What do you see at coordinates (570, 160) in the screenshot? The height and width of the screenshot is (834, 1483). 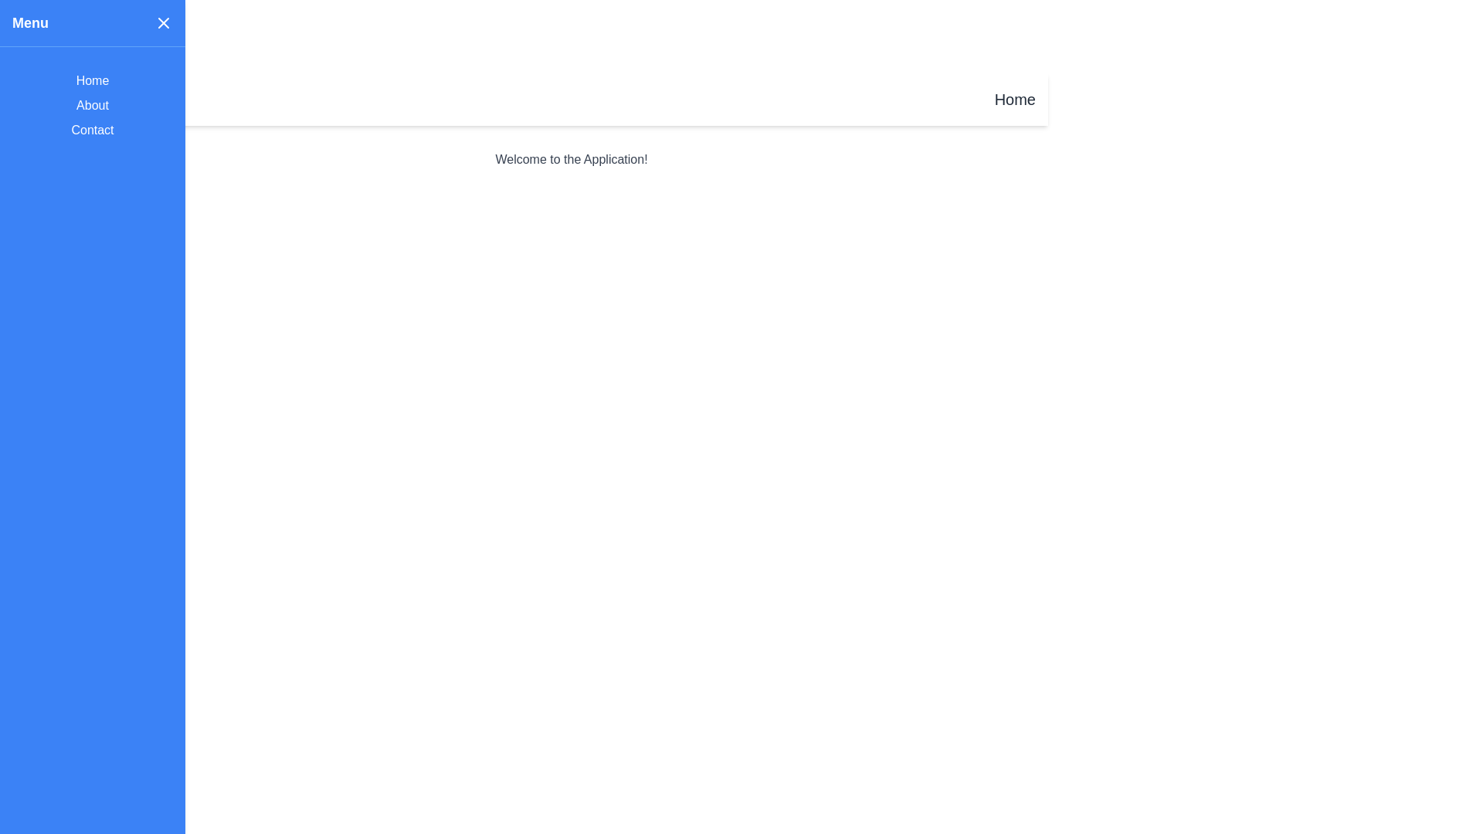 I see `the welcoming message text label located centrally below the 'Home' header` at bounding box center [570, 160].